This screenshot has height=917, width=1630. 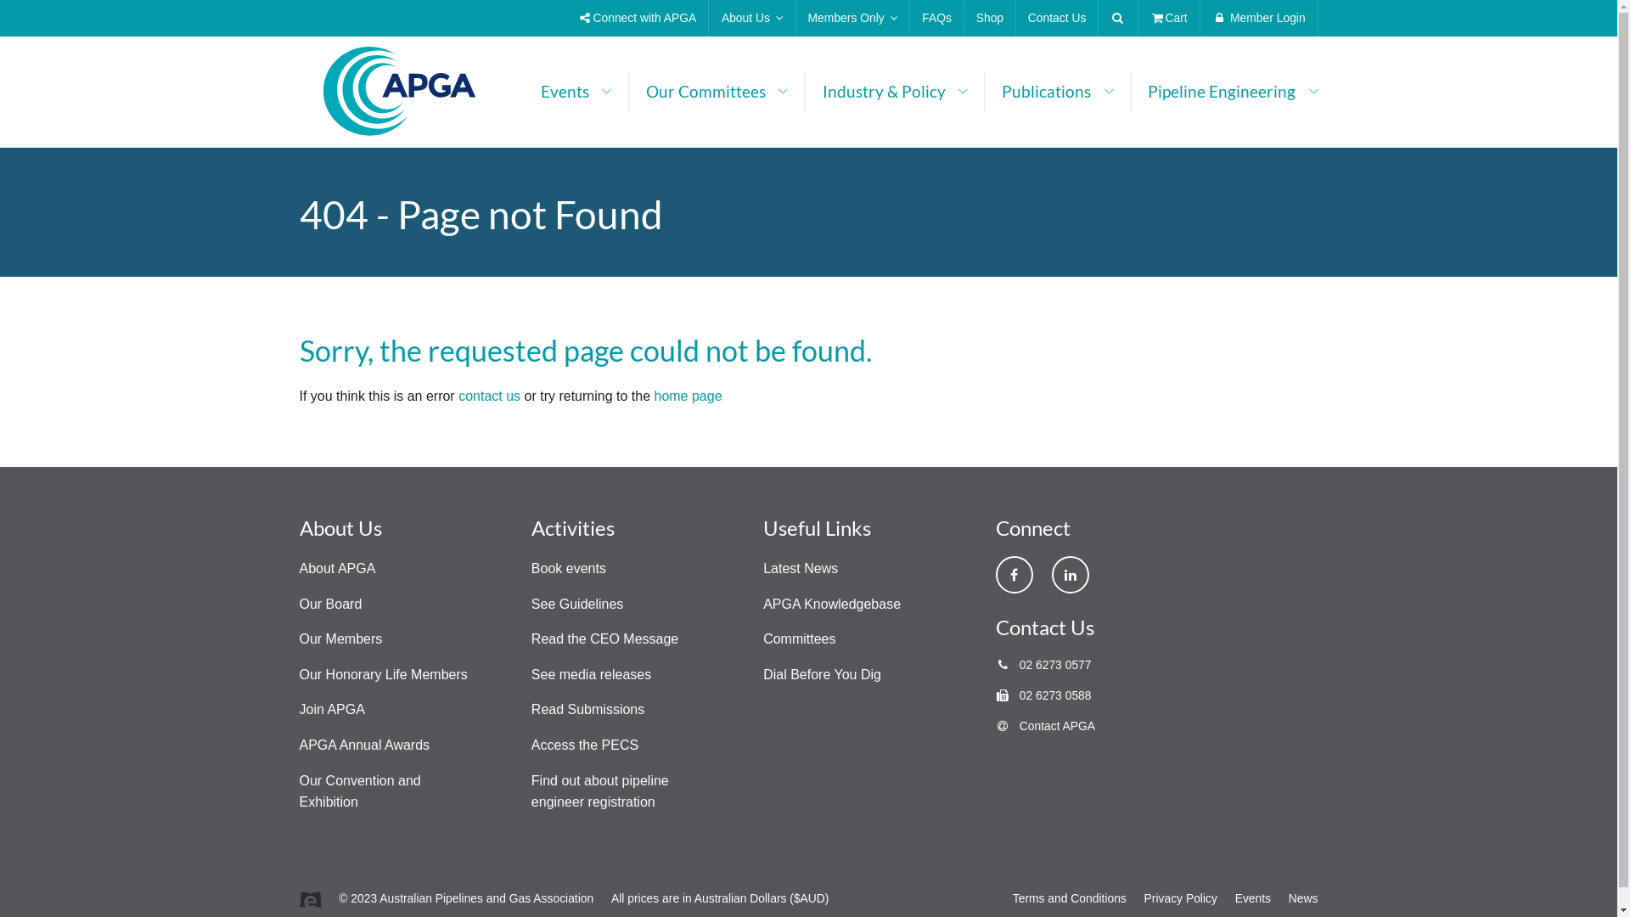 I want to click on 'Committees', so click(x=798, y=639).